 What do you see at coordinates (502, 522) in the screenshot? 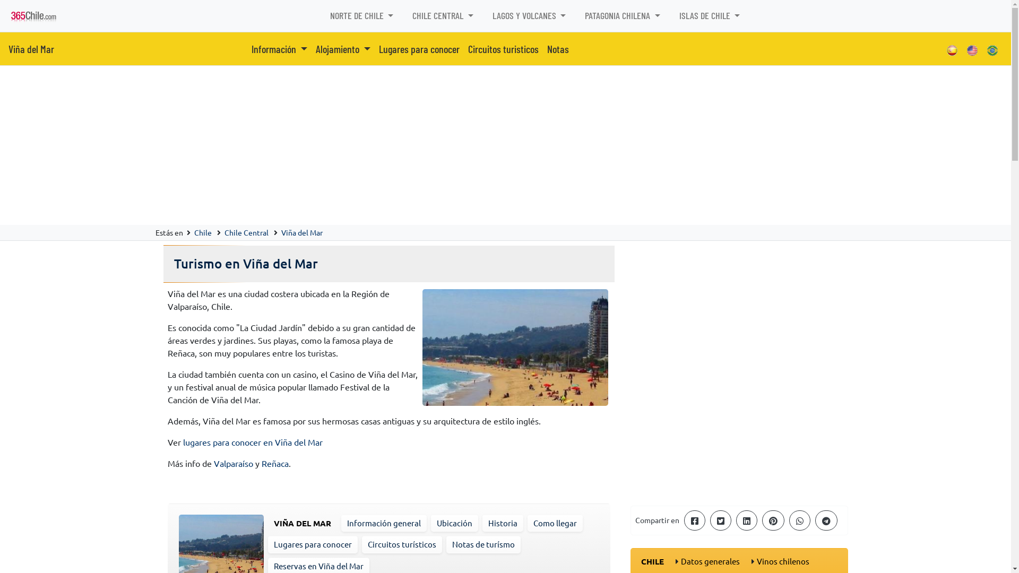
I see `'Historia'` at bounding box center [502, 522].